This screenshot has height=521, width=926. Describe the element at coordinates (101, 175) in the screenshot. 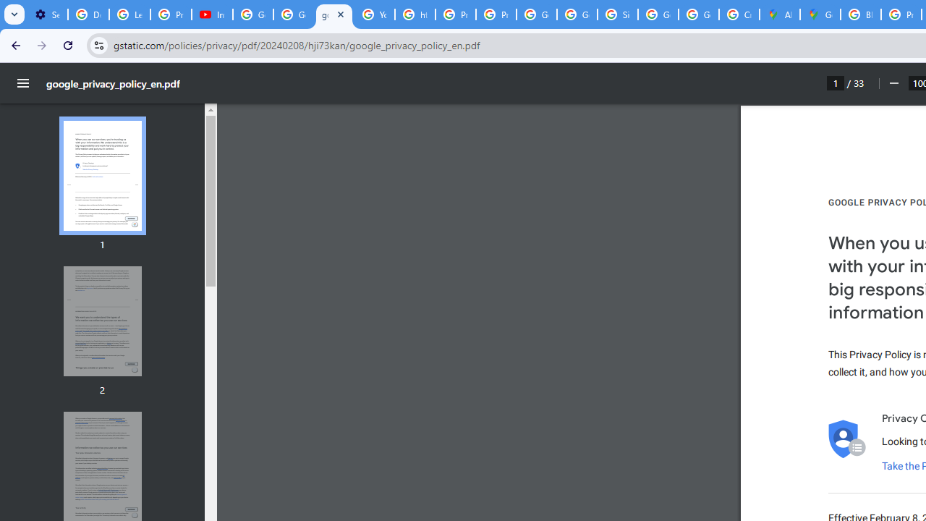

I see `'Thumbnail for page 1'` at that location.